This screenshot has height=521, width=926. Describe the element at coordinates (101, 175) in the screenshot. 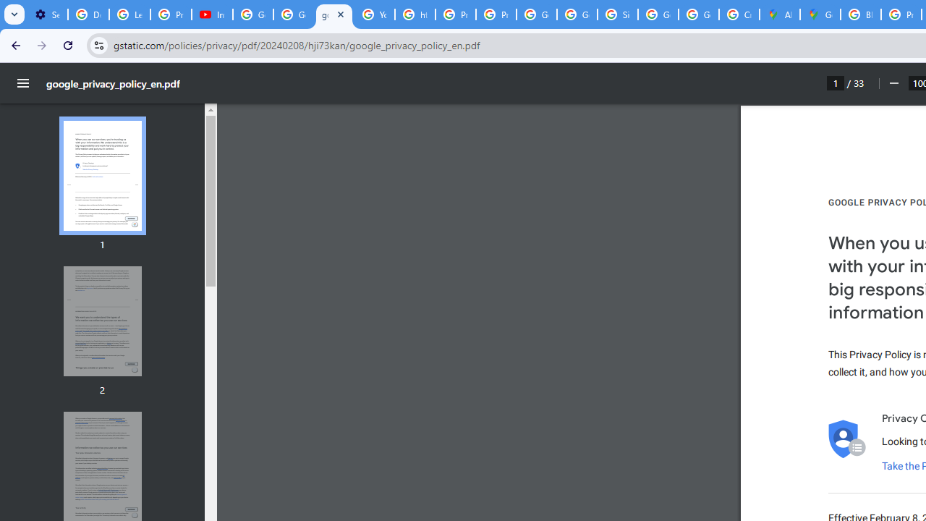

I see `'Thumbnail for page 1'` at that location.